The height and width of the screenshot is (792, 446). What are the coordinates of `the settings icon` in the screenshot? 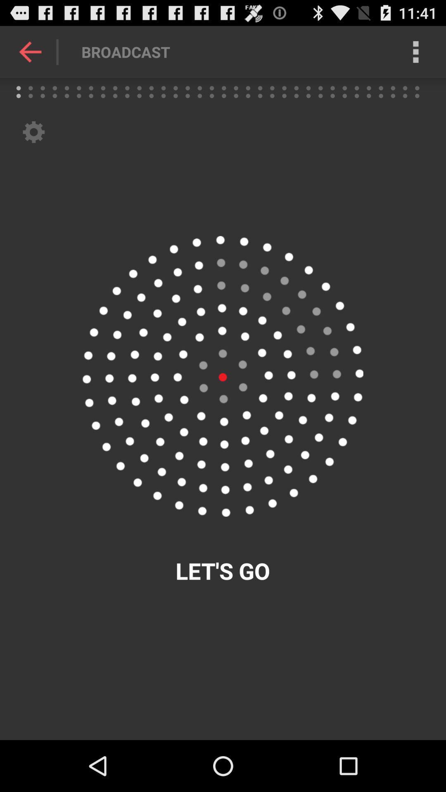 It's located at (33, 141).